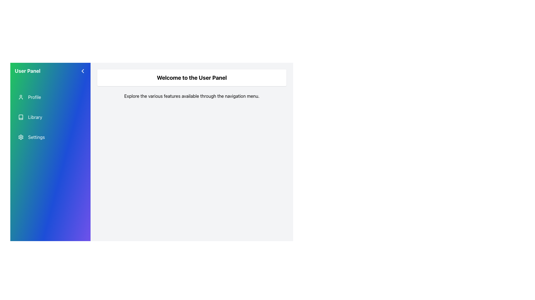 Image resolution: width=535 pixels, height=300 pixels. I want to click on the second item in the navigation menu of the 'User Panel' side panel, so click(50, 111).